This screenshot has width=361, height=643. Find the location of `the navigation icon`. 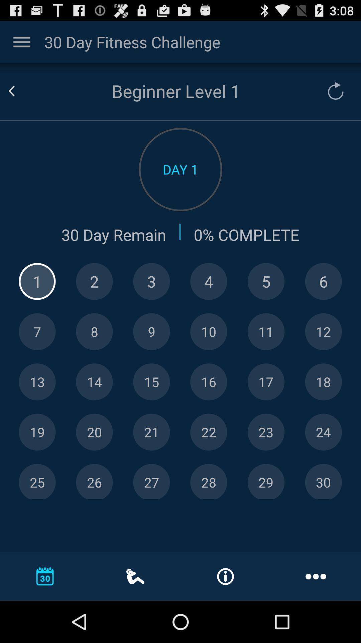

the navigation icon is located at coordinates (266, 408).